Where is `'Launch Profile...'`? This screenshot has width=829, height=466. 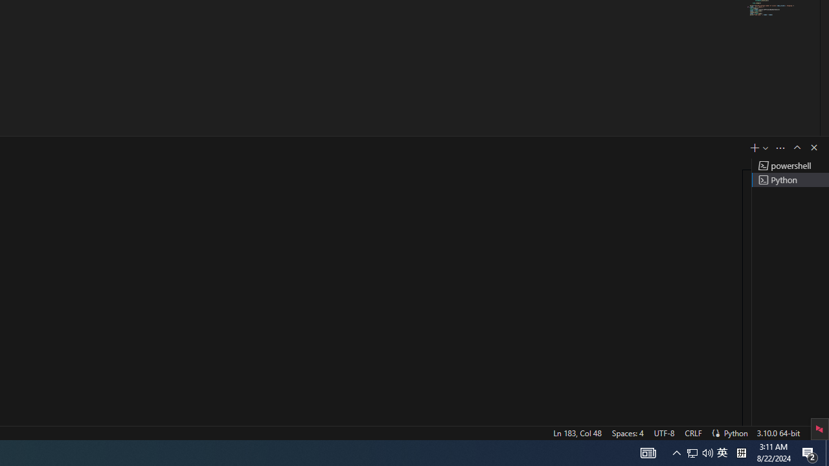 'Launch Profile...' is located at coordinates (766, 147).